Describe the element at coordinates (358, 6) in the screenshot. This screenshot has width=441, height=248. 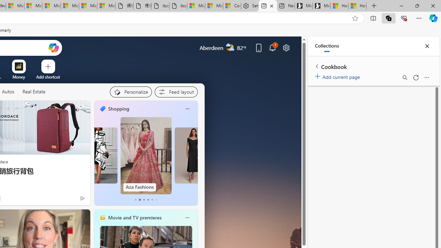
I see `'How to Use a TV as a Computer Monitor'` at that location.